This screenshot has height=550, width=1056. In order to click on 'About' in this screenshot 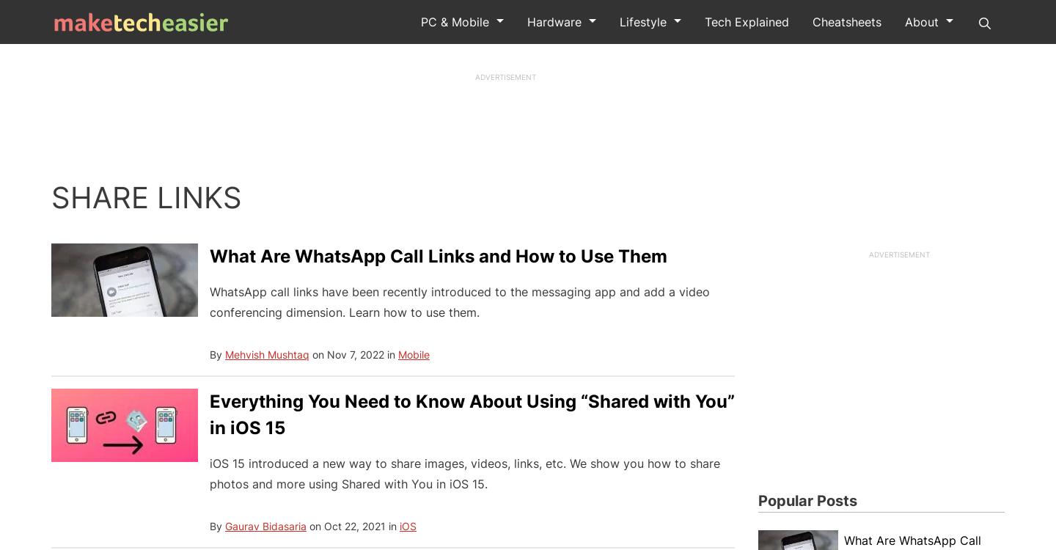, I will do `click(920, 22)`.